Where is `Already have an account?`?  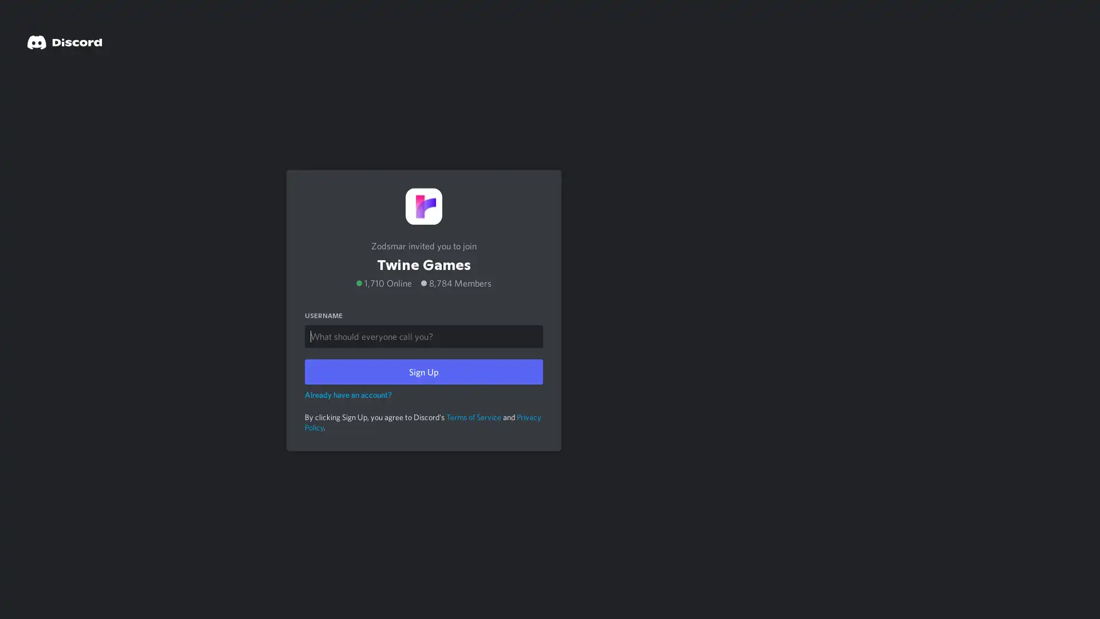
Already have an account? is located at coordinates (348, 393).